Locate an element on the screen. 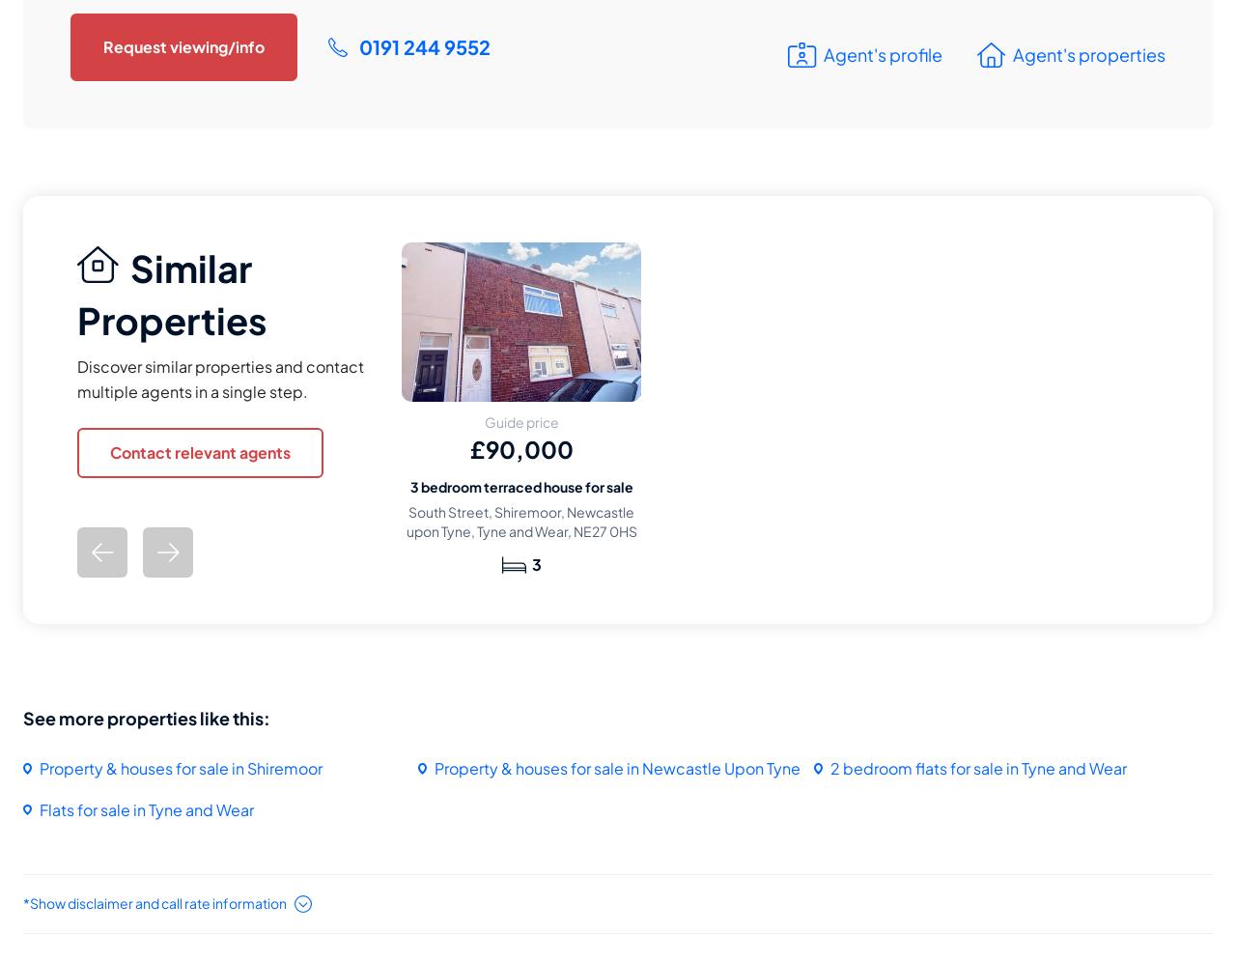  'Request viewing/info' is located at coordinates (183, 44).